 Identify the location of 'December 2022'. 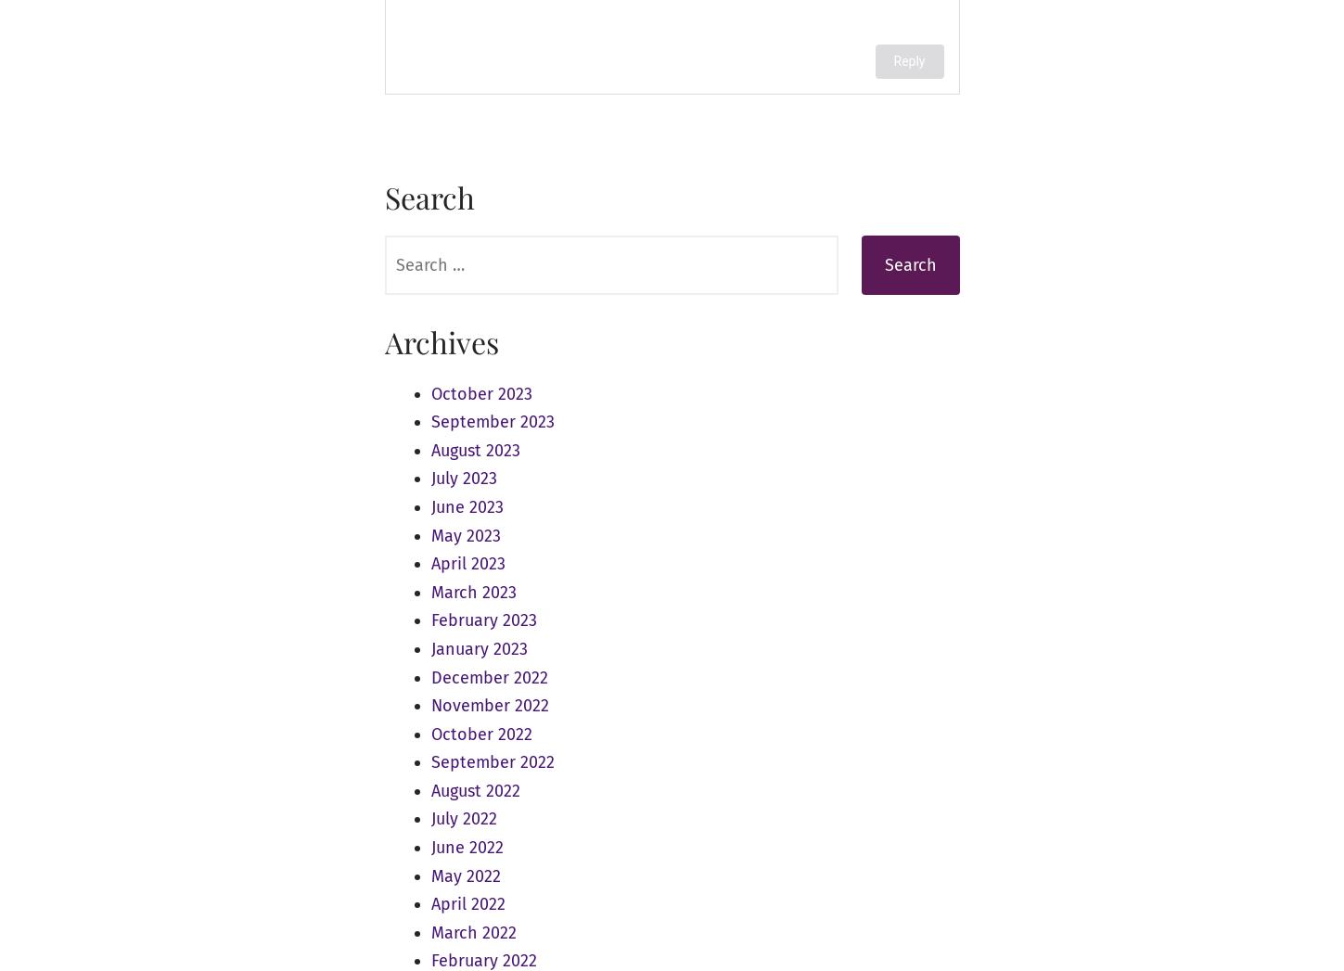
(488, 676).